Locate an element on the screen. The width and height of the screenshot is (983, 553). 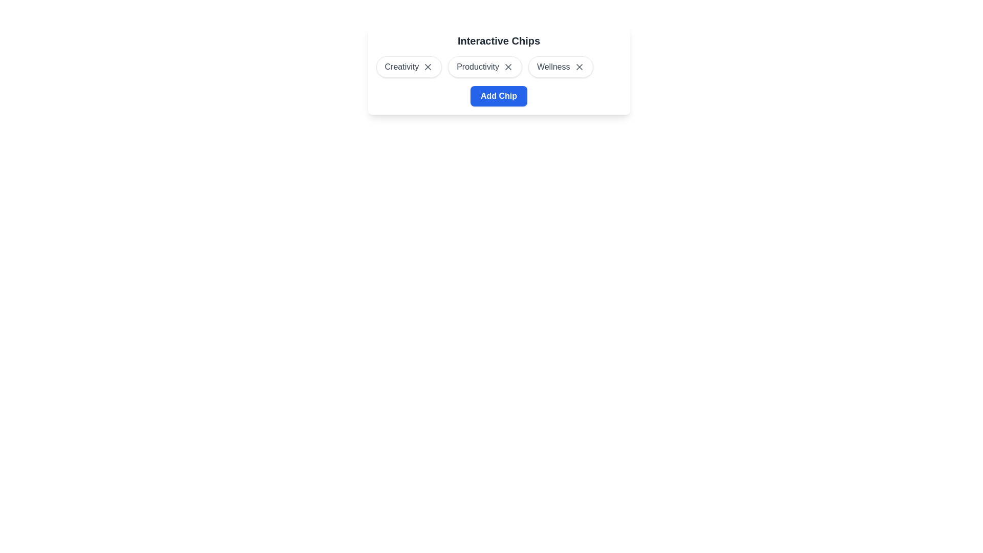
the close (X) symbol button located at the rightmost edge of the 'Wellness' chip, which features soft borders and shadow effects is located at coordinates (579, 67).